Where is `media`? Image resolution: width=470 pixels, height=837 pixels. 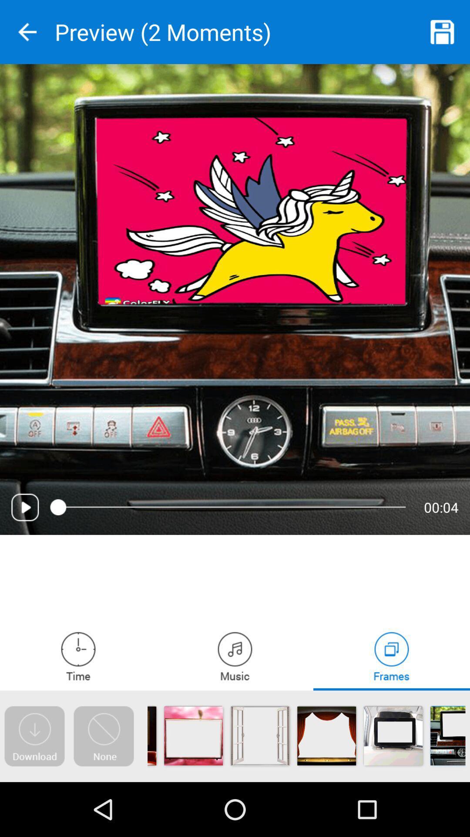
media is located at coordinates (24, 507).